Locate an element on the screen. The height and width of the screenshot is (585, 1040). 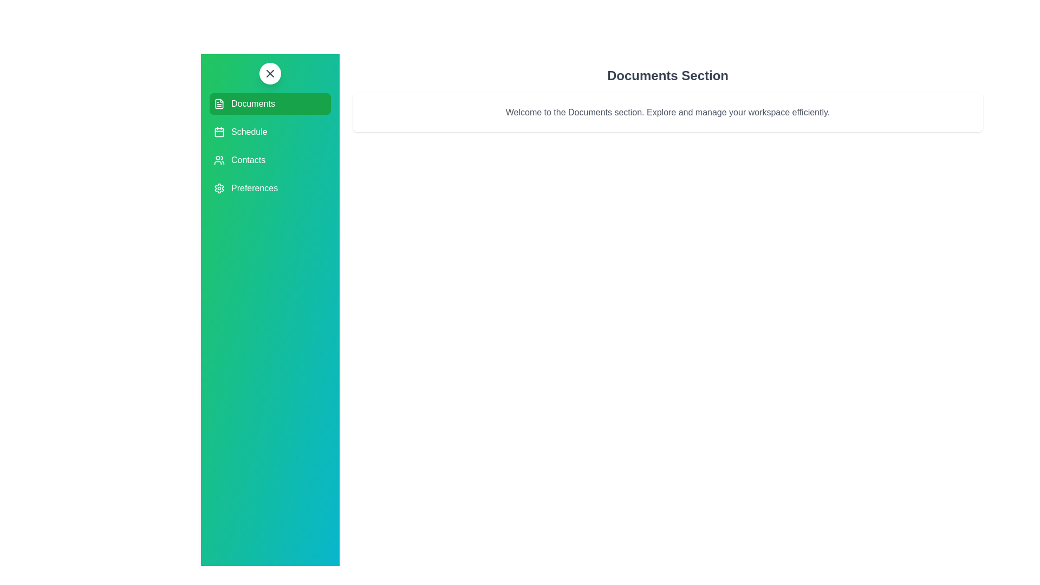
the section Contacts to highlight it is located at coordinates (270, 160).